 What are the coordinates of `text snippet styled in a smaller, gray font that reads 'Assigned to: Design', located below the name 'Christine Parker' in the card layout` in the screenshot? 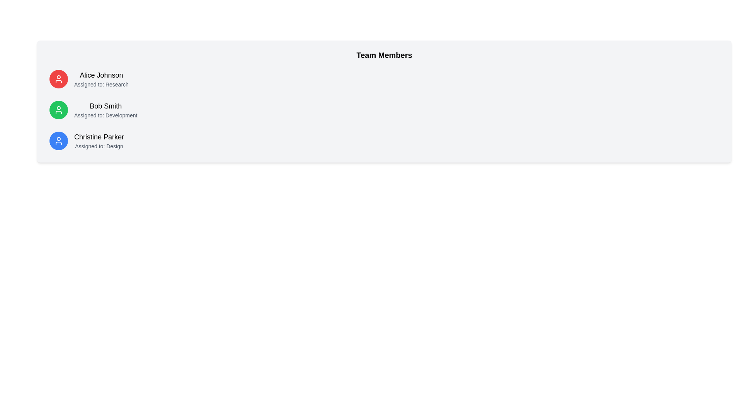 It's located at (99, 146).